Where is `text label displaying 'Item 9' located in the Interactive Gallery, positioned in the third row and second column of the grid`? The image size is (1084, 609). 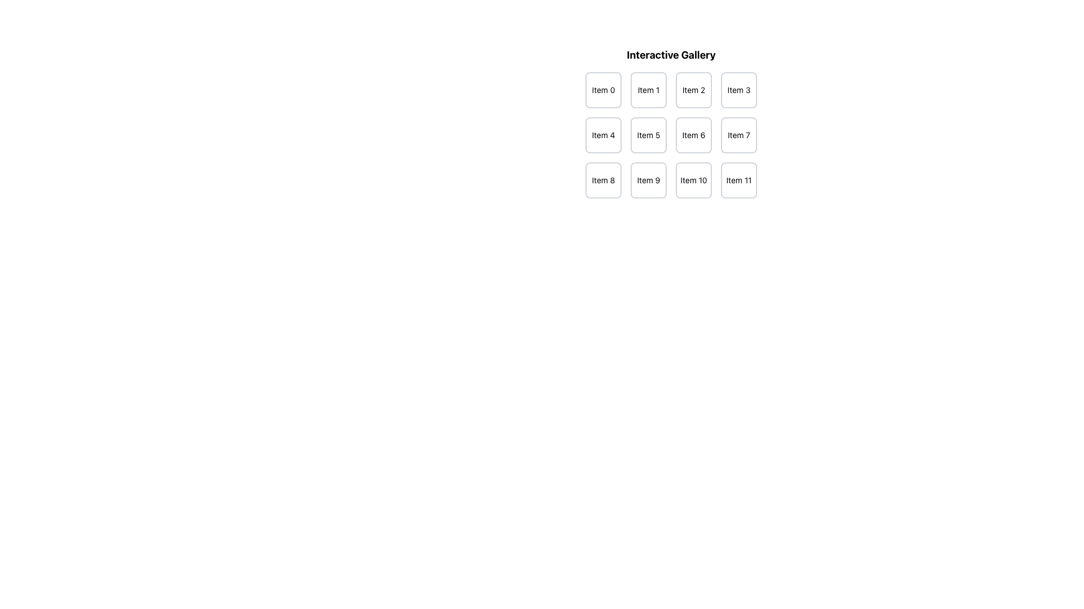 text label displaying 'Item 9' located in the Interactive Gallery, positioned in the third row and second column of the grid is located at coordinates (648, 180).